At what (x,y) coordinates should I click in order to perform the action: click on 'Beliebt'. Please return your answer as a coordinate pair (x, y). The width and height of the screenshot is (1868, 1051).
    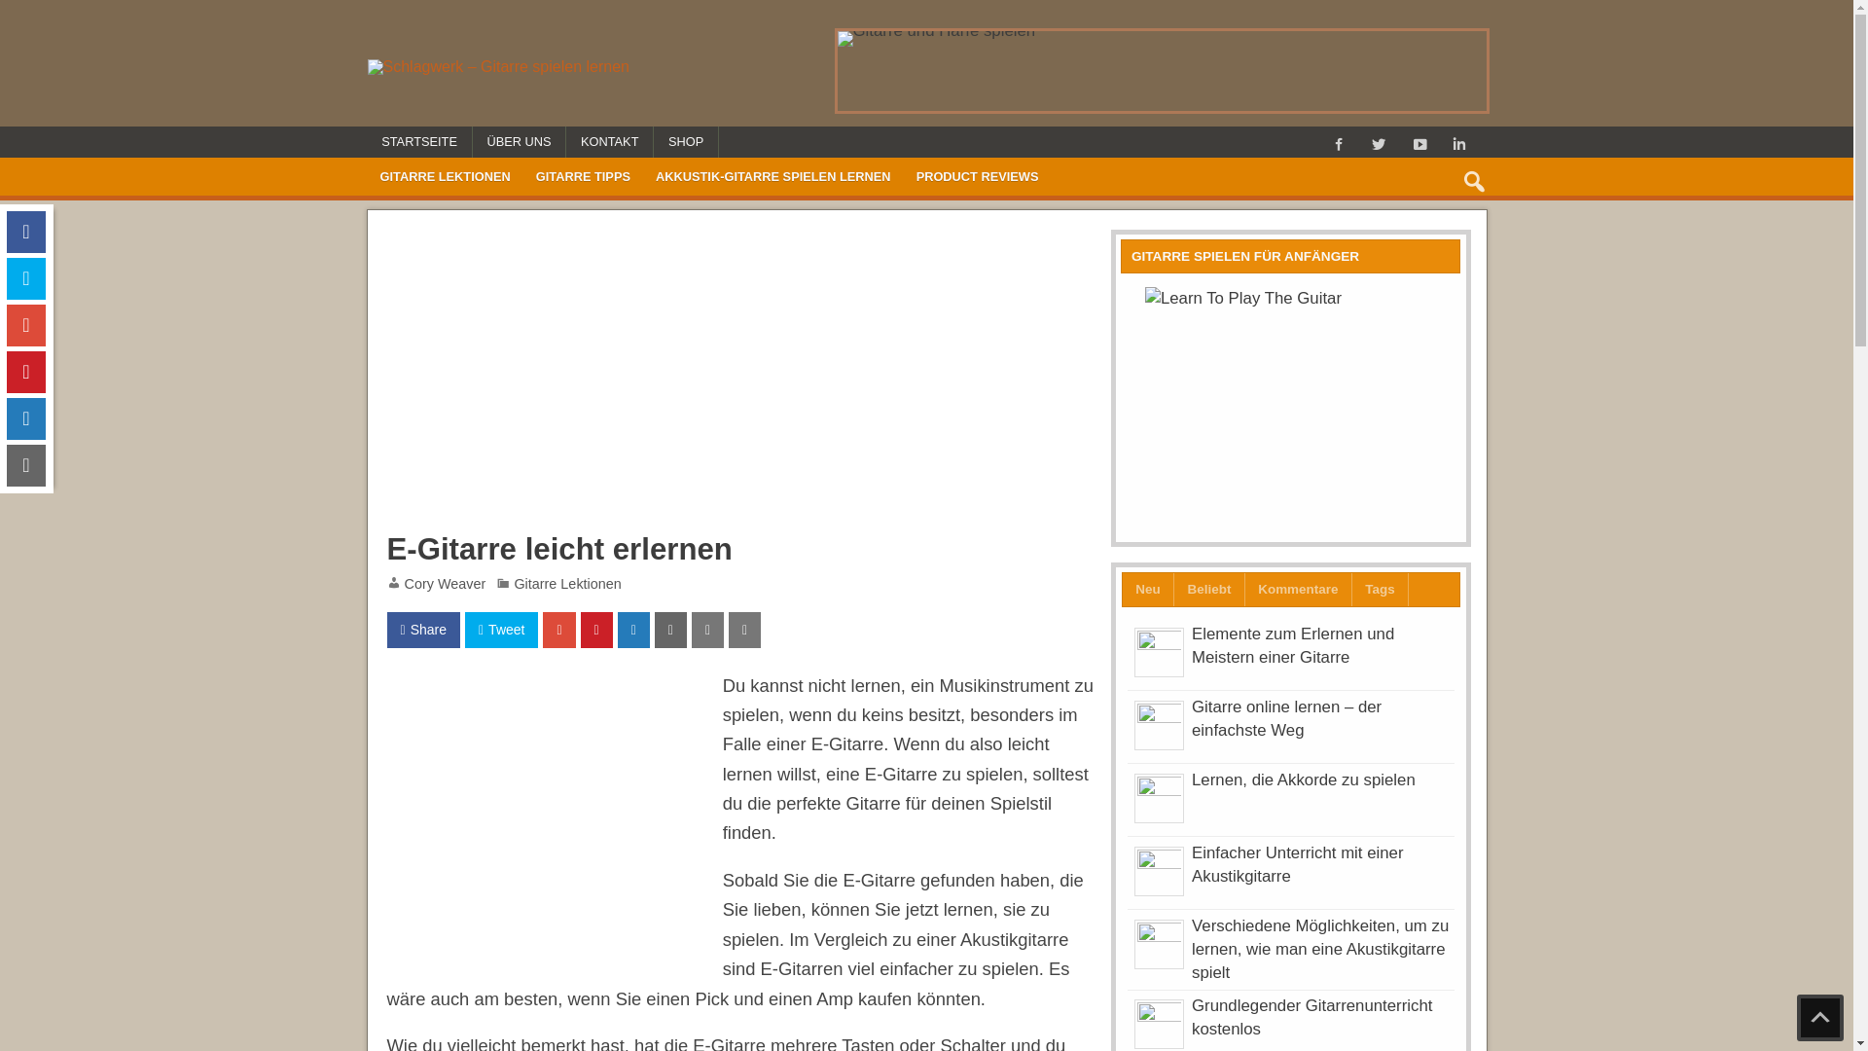
    Looking at the image, I should click on (1172, 588).